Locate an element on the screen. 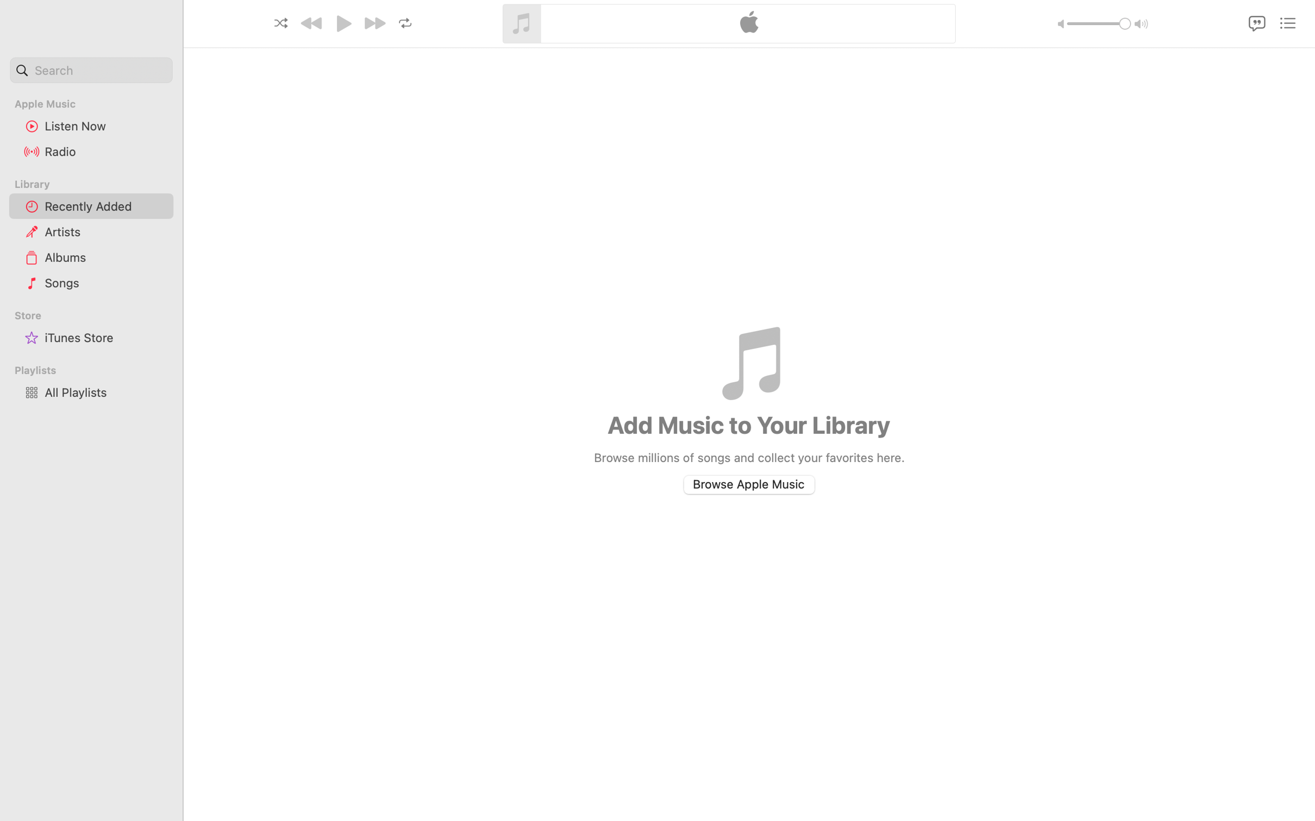 Image resolution: width=1315 pixels, height=821 pixels. 'Albums' is located at coordinates (104, 257).